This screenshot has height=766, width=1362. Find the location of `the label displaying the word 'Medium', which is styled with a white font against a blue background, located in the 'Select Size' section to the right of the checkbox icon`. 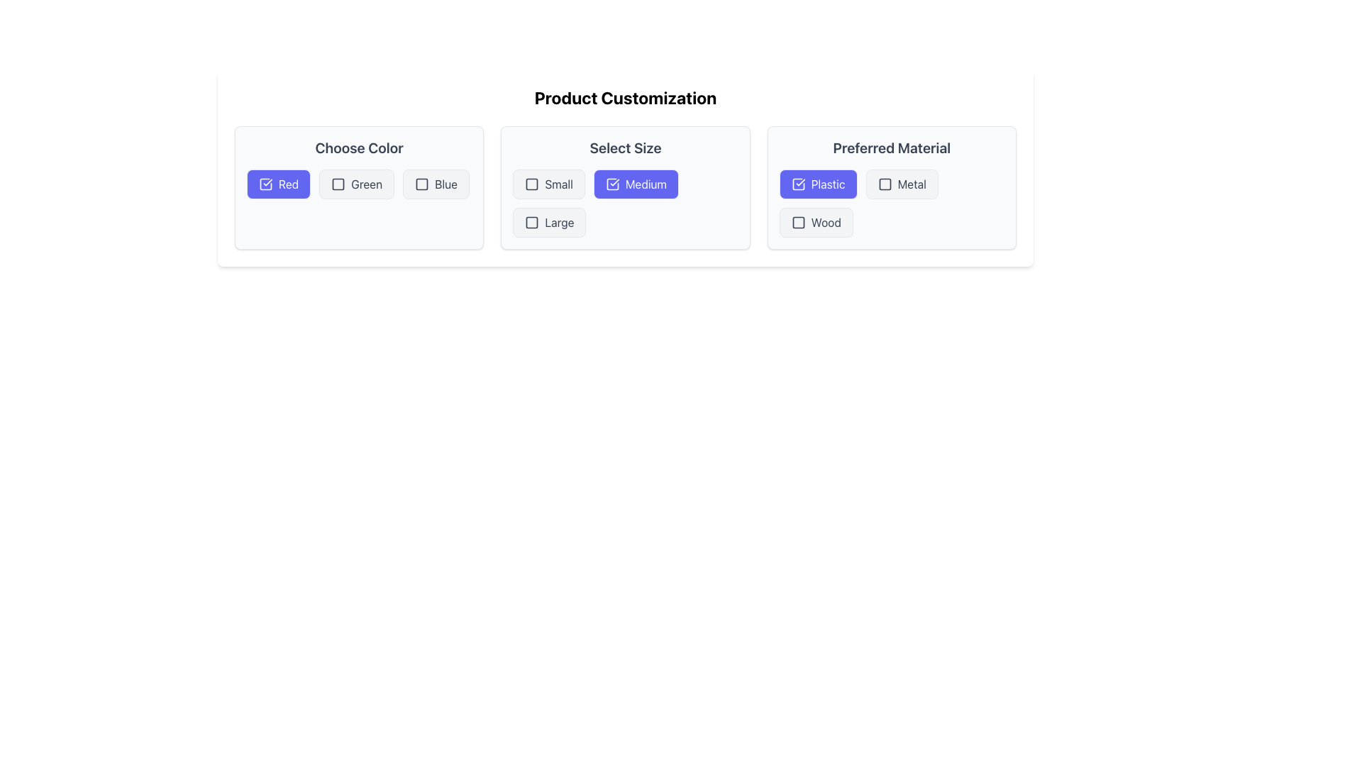

the label displaying the word 'Medium', which is styled with a white font against a blue background, located in the 'Select Size' section to the right of the checkbox icon is located at coordinates (646, 183).